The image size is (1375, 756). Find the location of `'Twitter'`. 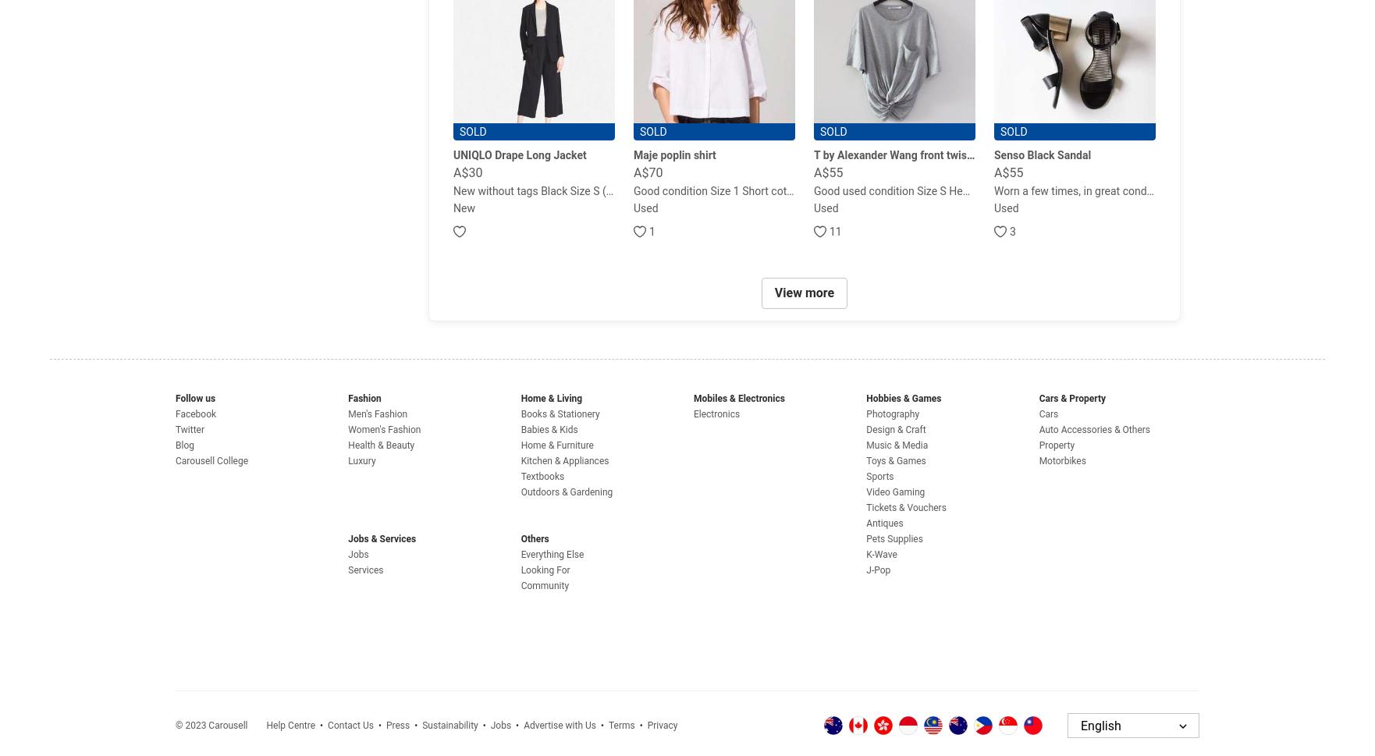

'Twitter' is located at coordinates (190, 429).